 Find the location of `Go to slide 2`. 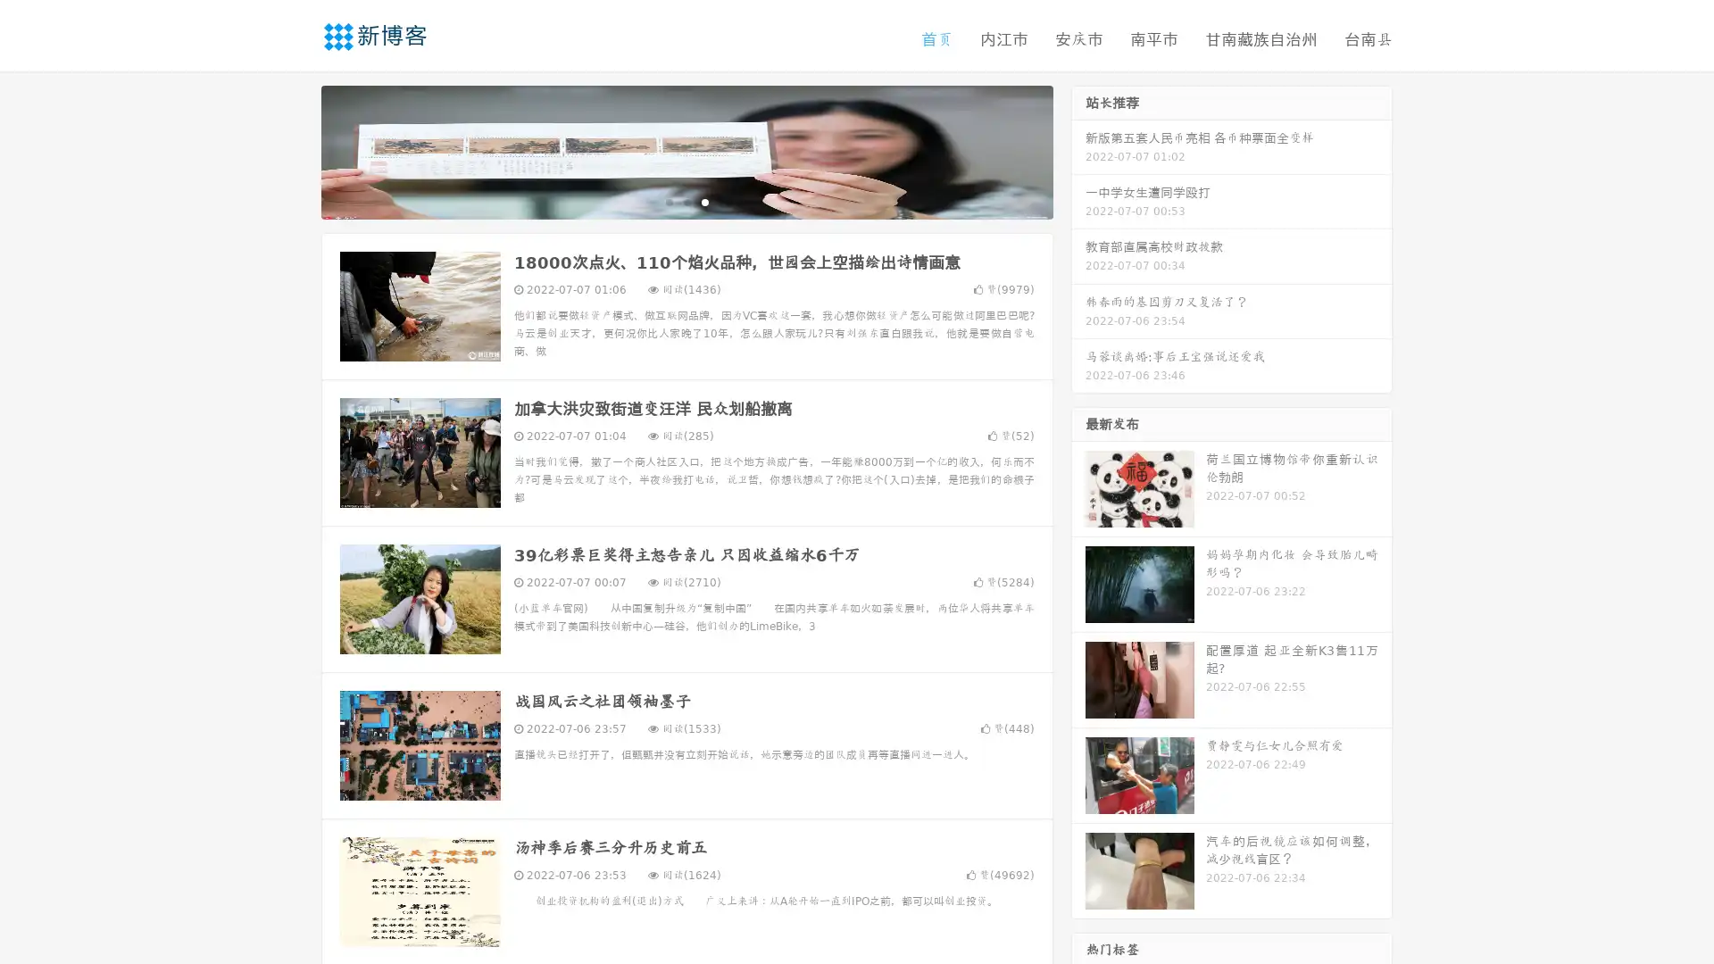

Go to slide 2 is located at coordinates (686, 201).